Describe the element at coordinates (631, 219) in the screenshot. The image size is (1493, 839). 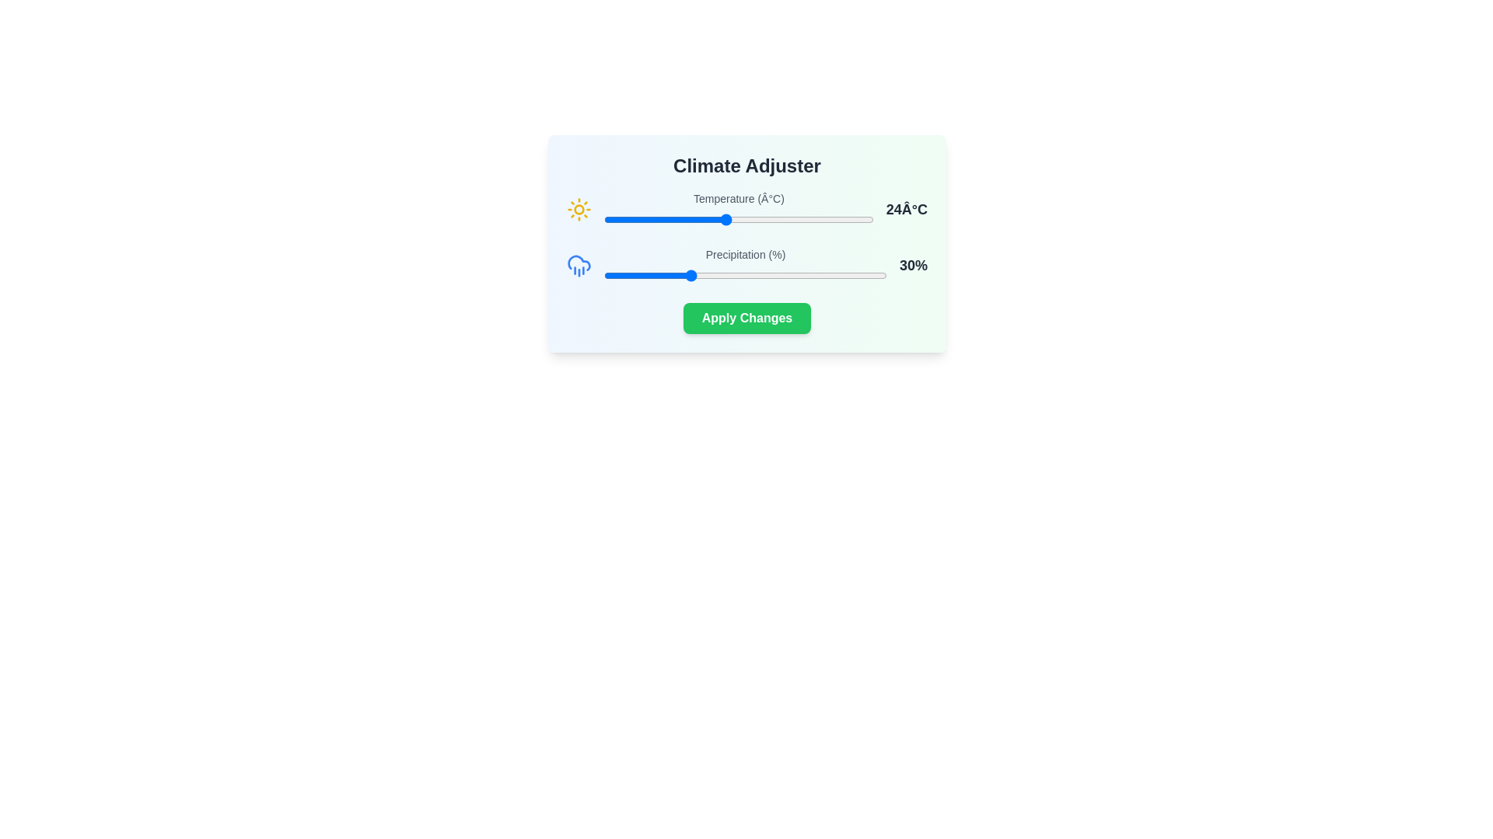
I see `the temperature slider to 17°C` at that location.